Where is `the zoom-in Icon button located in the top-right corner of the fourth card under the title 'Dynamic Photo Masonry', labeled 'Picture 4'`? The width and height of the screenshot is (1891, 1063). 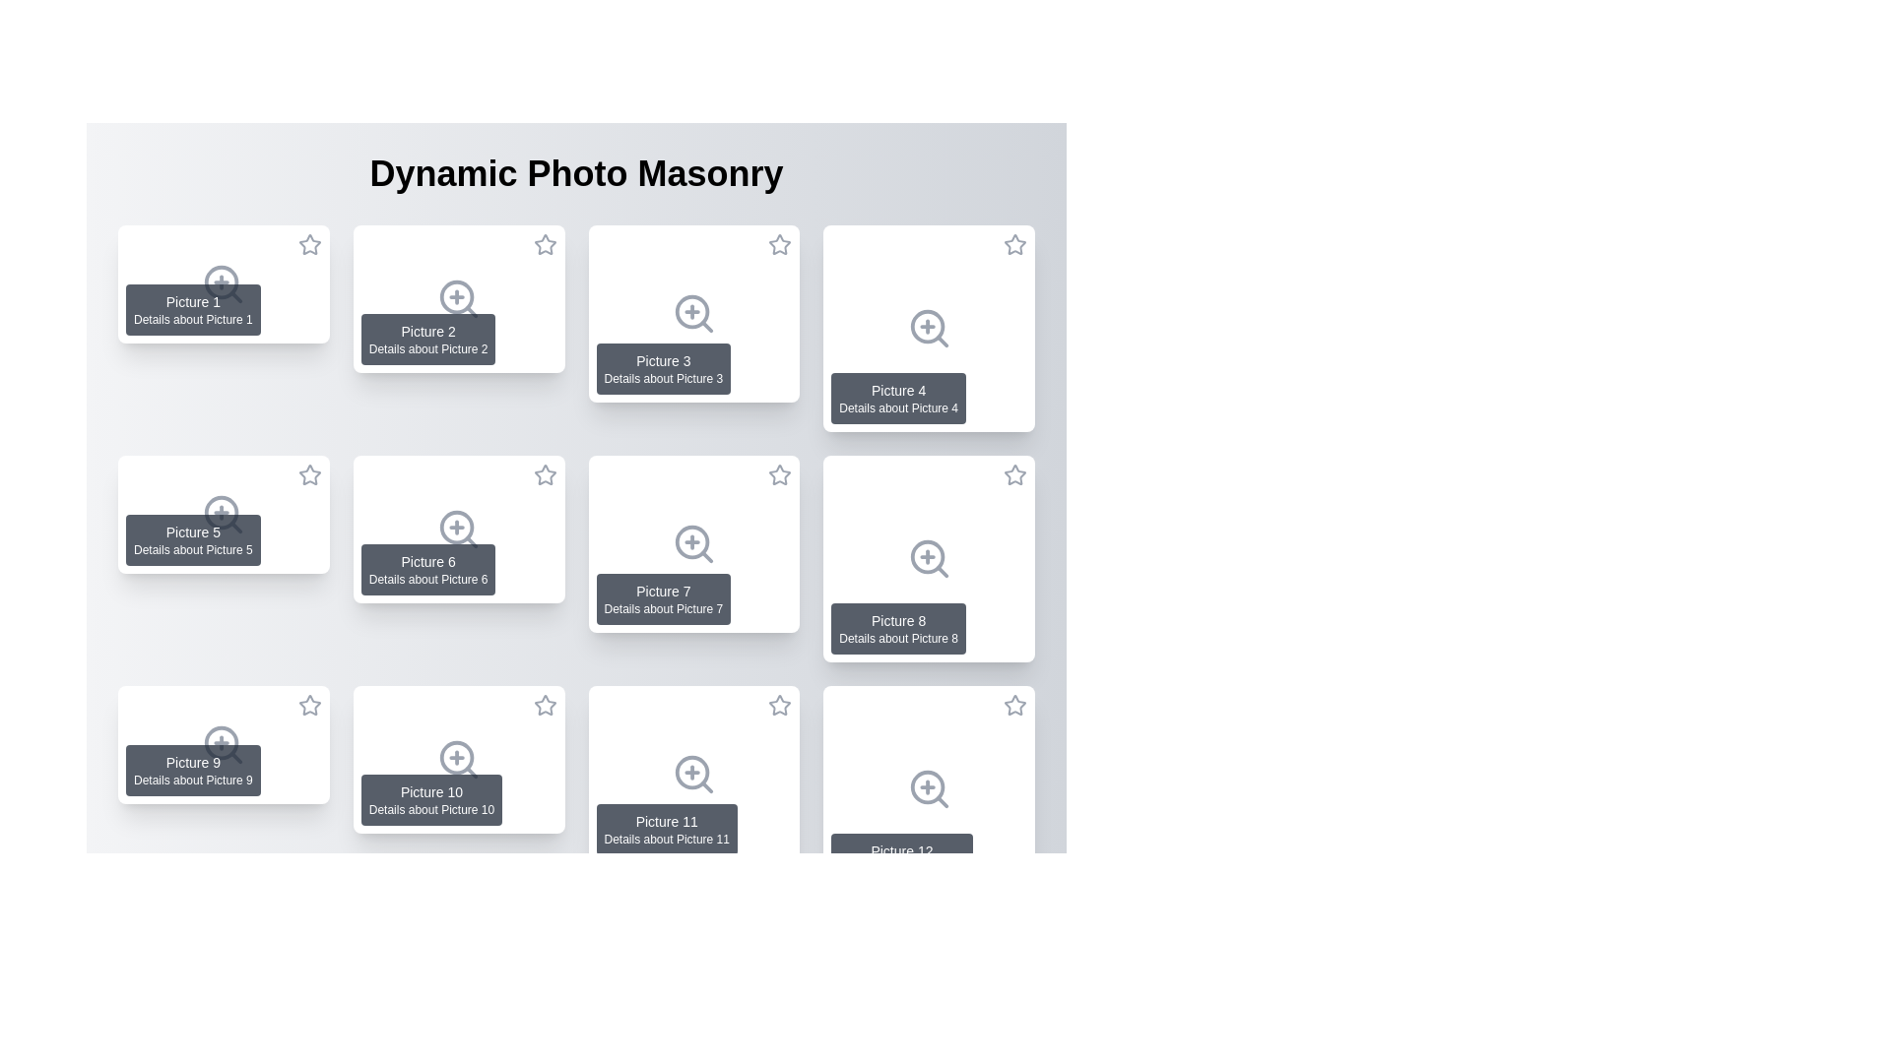 the zoom-in Icon button located in the top-right corner of the fourth card under the title 'Dynamic Photo Masonry', labeled 'Picture 4' is located at coordinates (928, 328).